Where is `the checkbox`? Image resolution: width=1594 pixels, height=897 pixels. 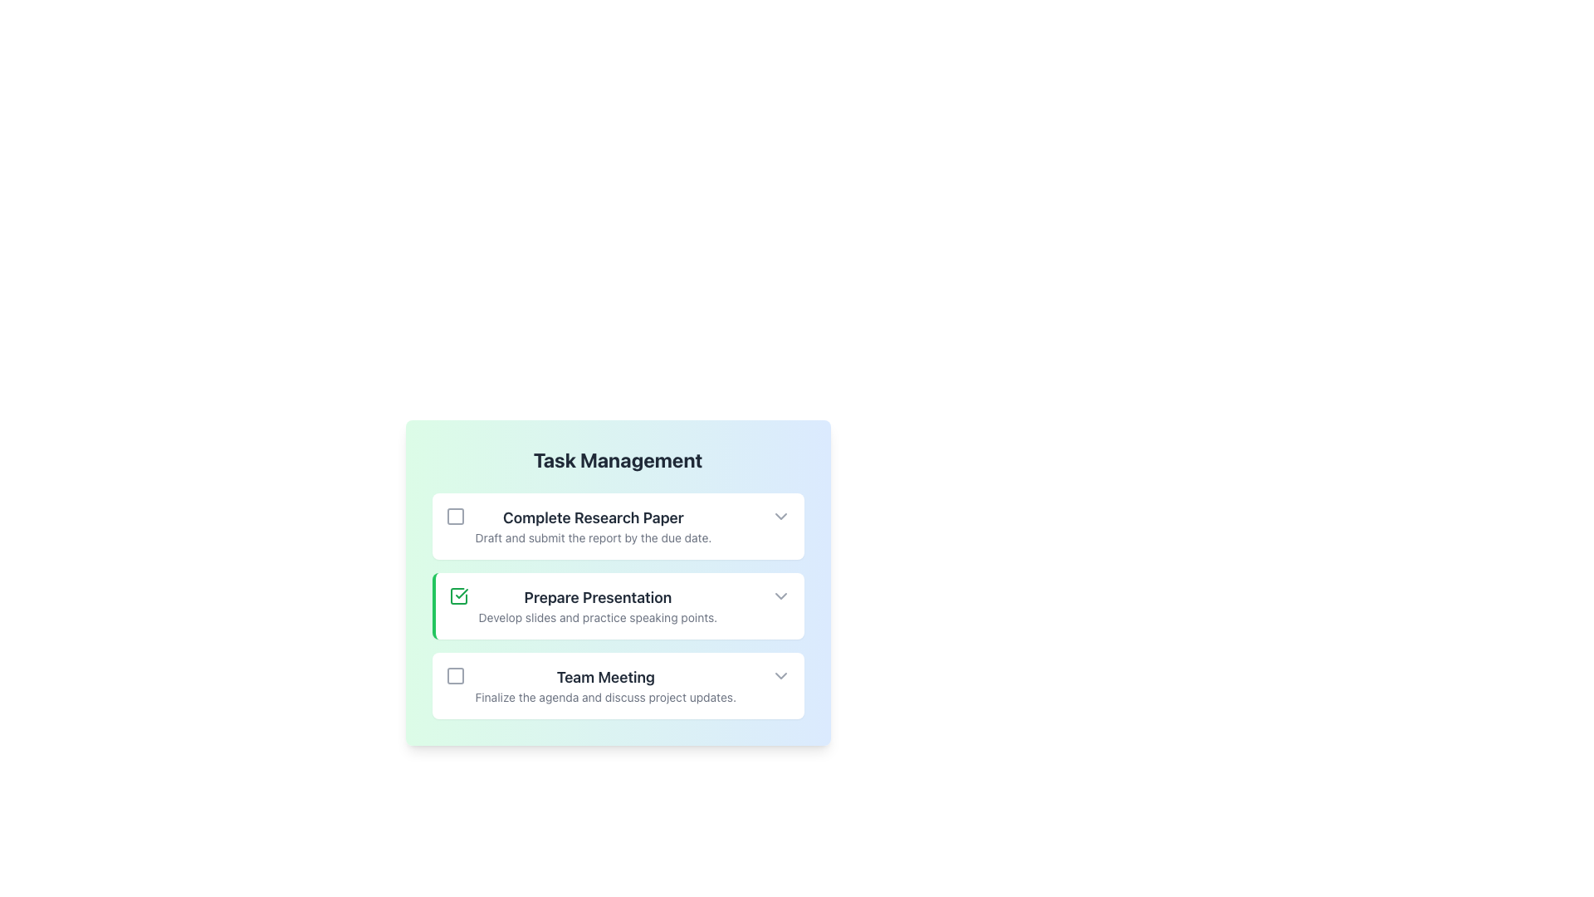
the checkbox is located at coordinates (455, 515).